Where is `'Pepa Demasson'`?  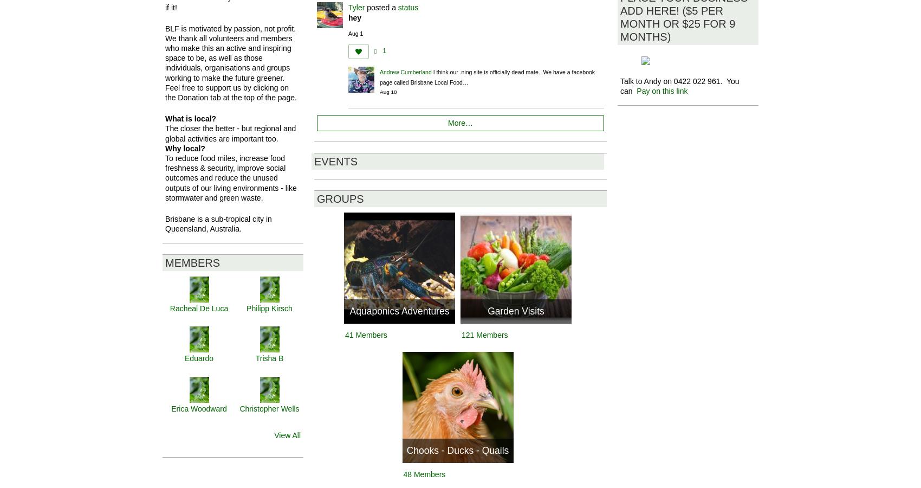 'Pepa Demasson' is located at coordinates (269, 458).